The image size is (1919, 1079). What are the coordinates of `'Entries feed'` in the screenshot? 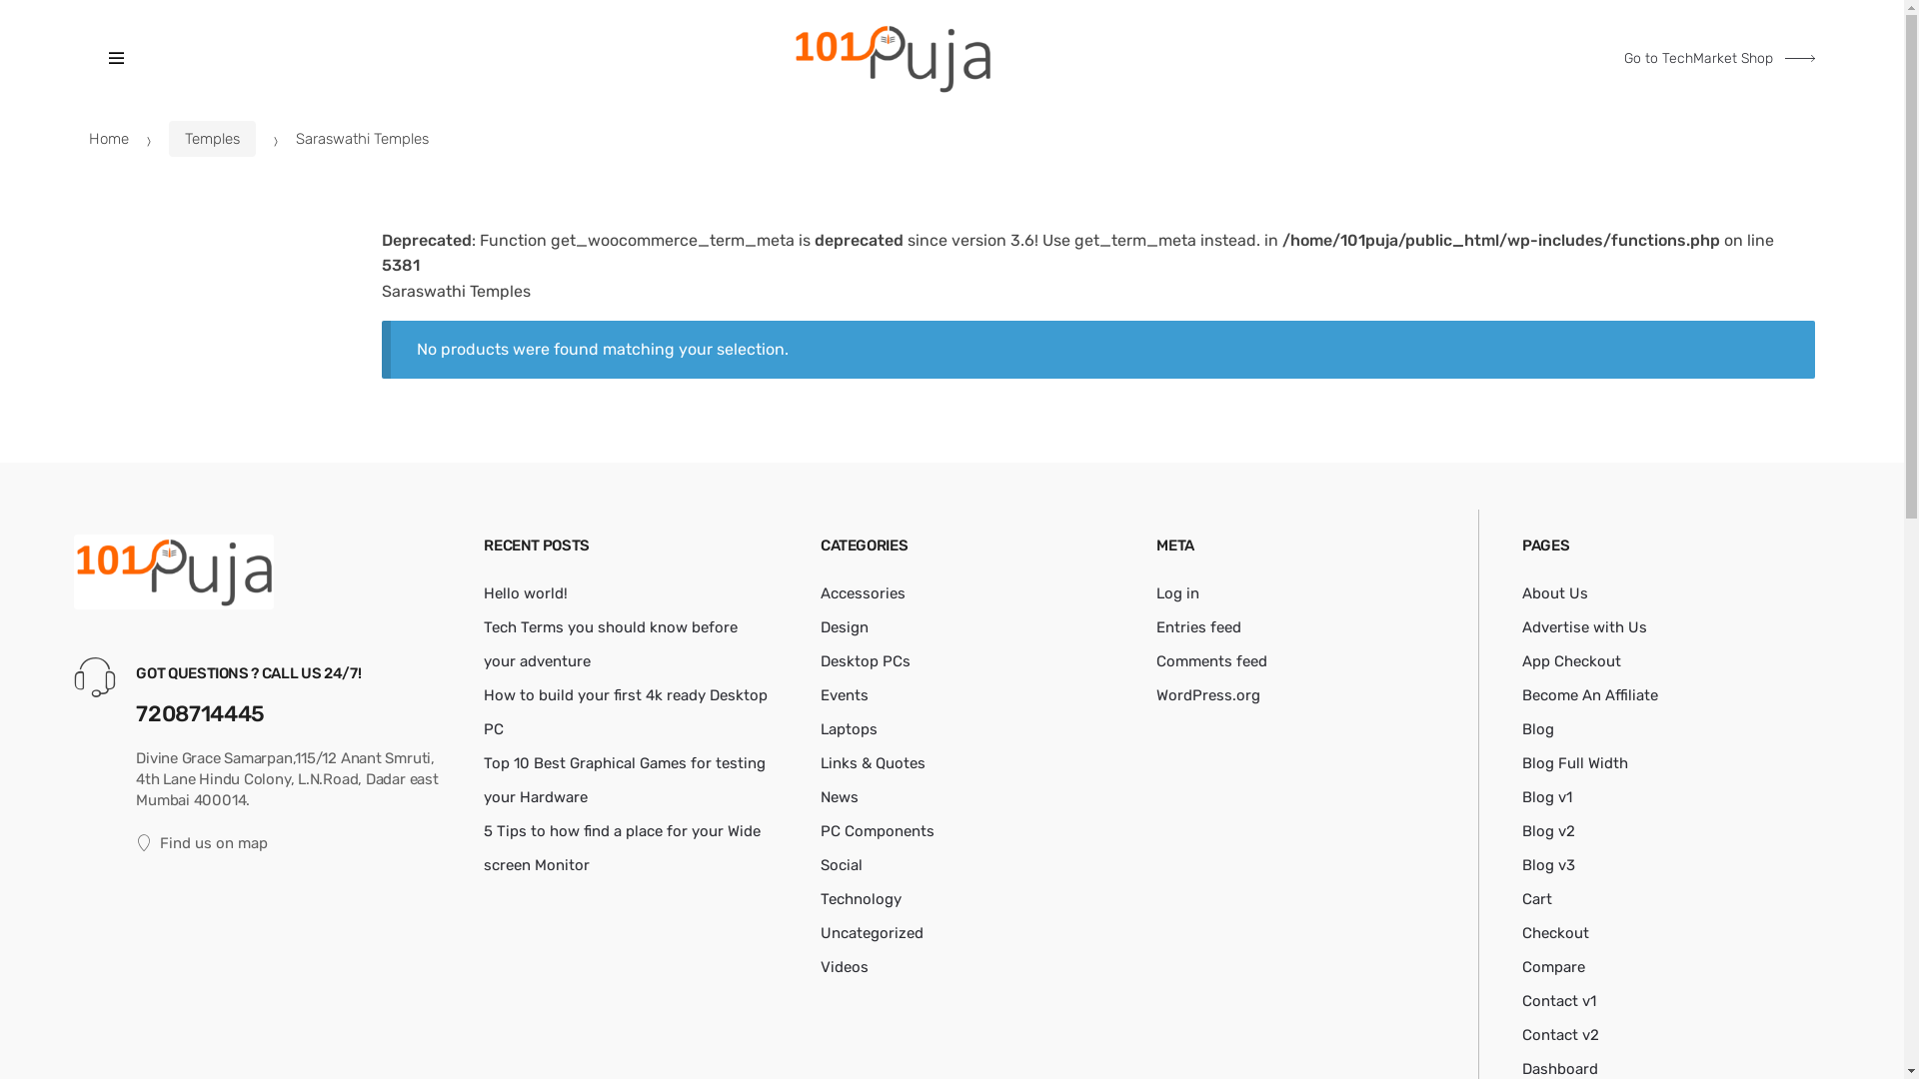 It's located at (1198, 626).